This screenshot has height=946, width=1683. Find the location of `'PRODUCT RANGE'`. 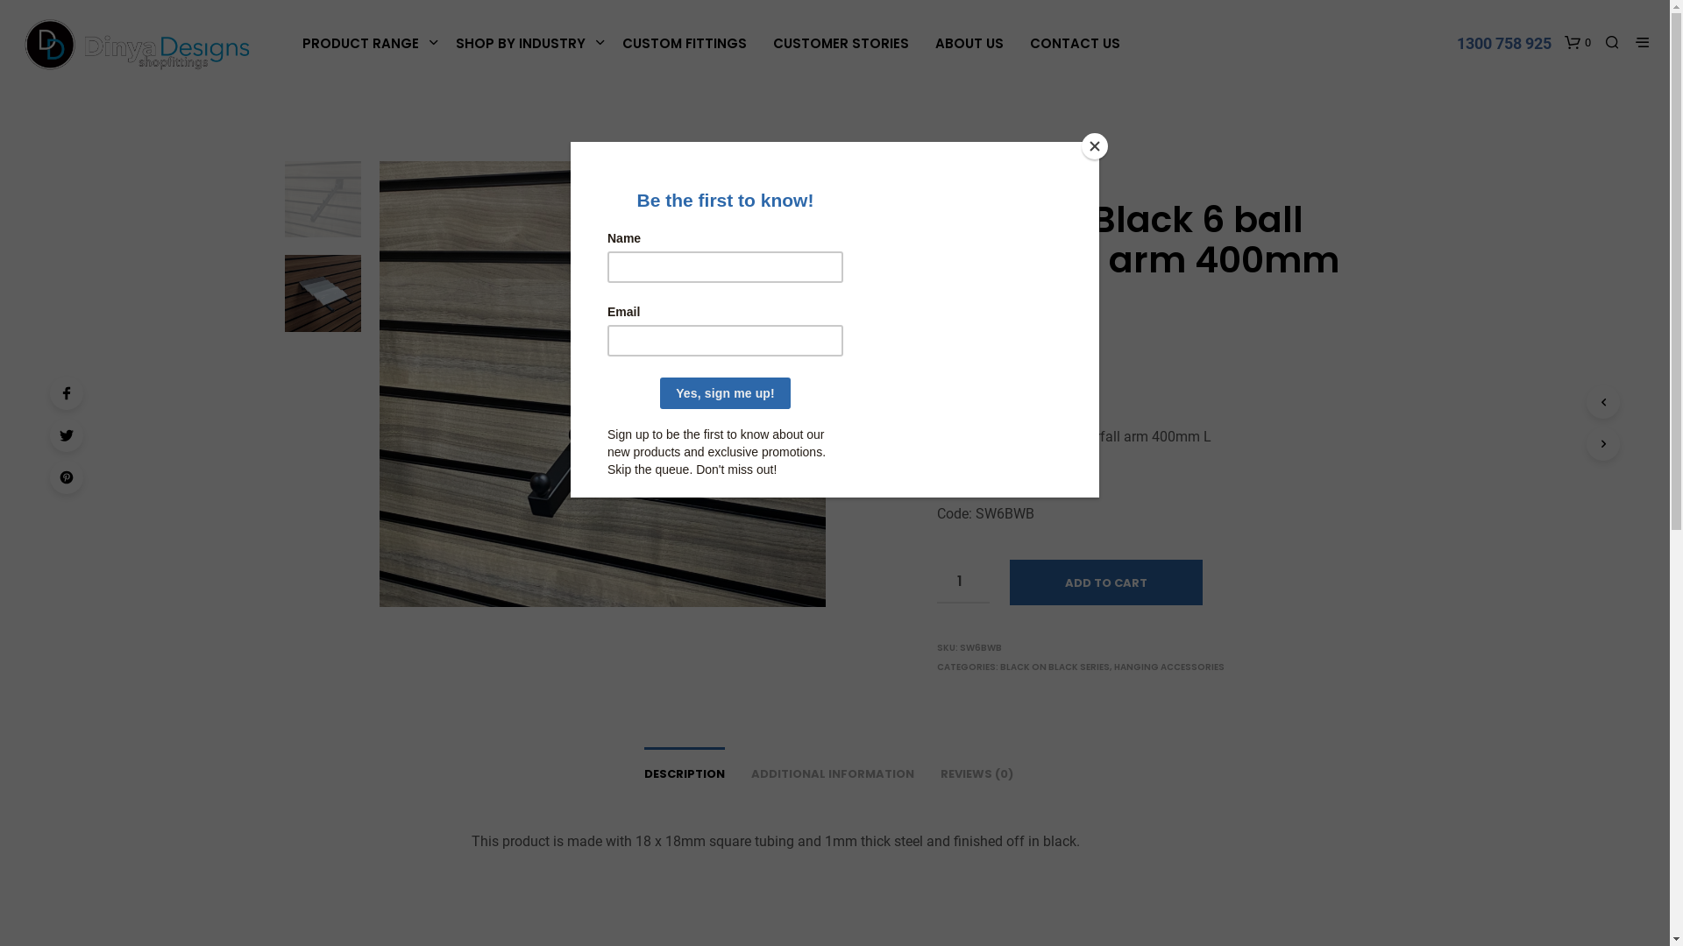

'PRODUCT RANGE' is located at coordinates (359, 43).